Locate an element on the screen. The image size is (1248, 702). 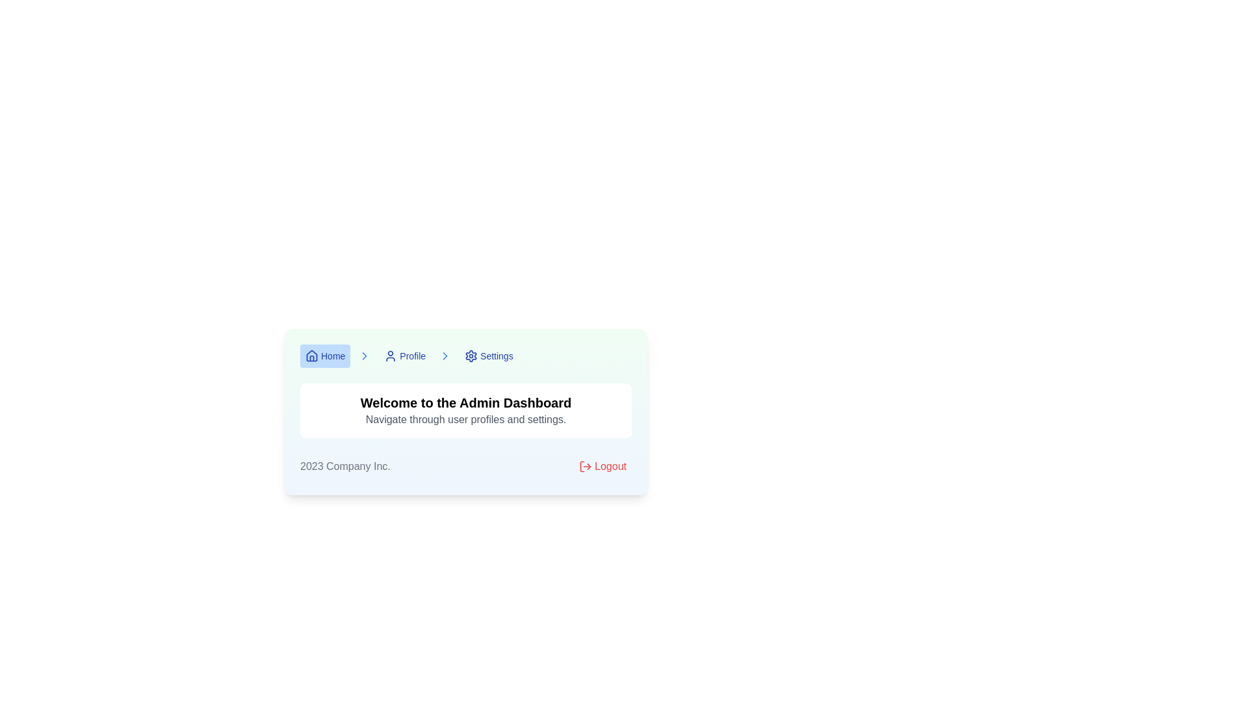
the logout Text label located in the lower-right corner of the card layout to initiate the logout process is located at coordinates (610, 465).